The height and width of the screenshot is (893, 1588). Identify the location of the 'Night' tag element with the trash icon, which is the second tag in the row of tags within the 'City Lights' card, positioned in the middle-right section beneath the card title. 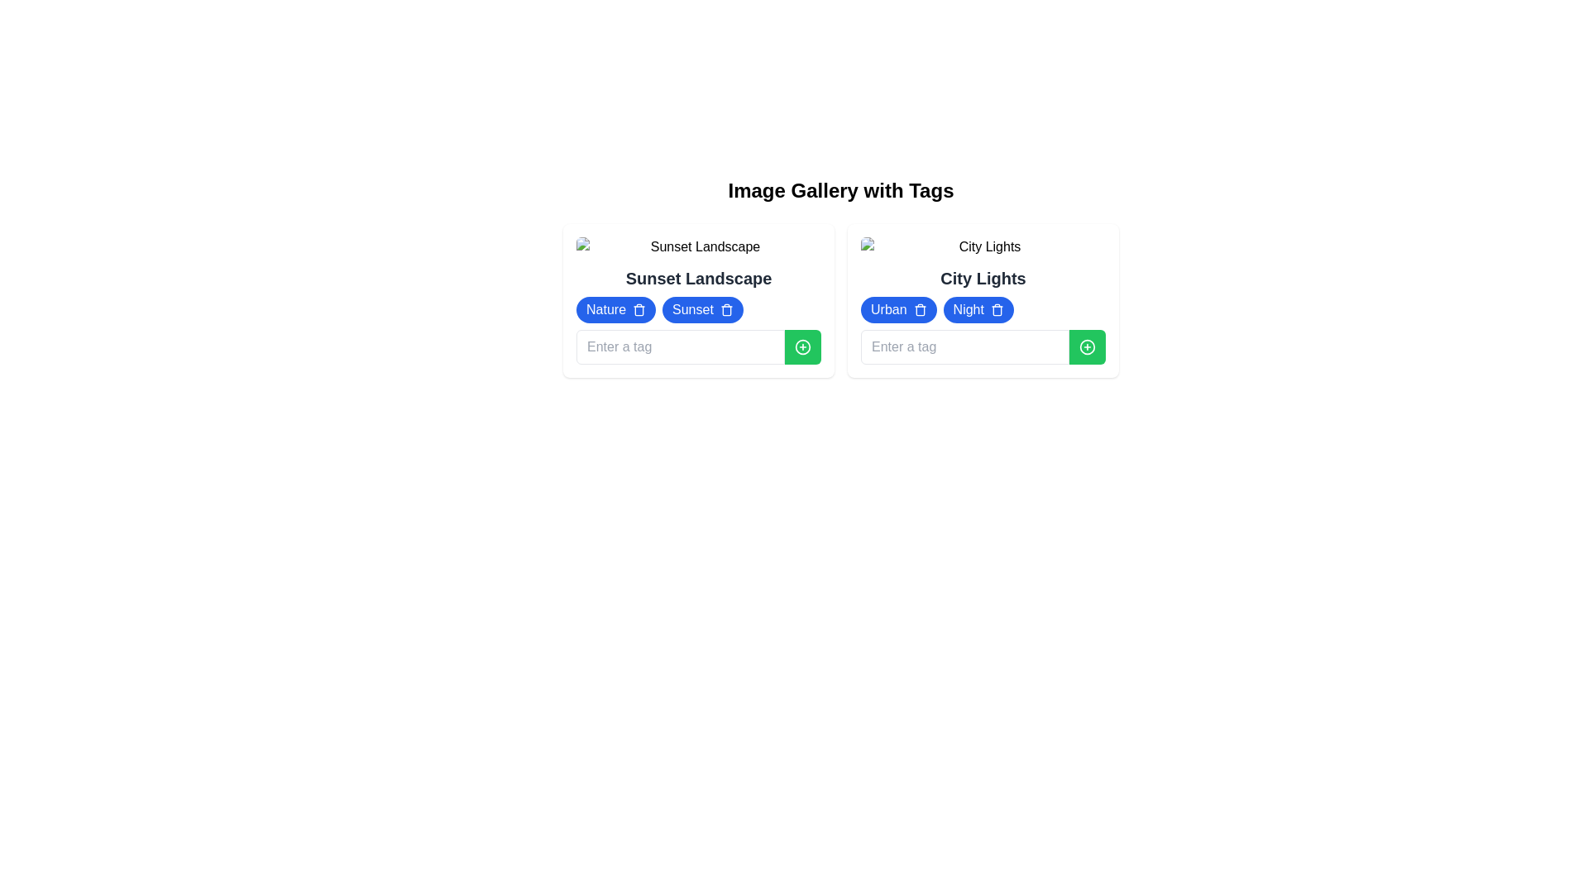
(978, 309).